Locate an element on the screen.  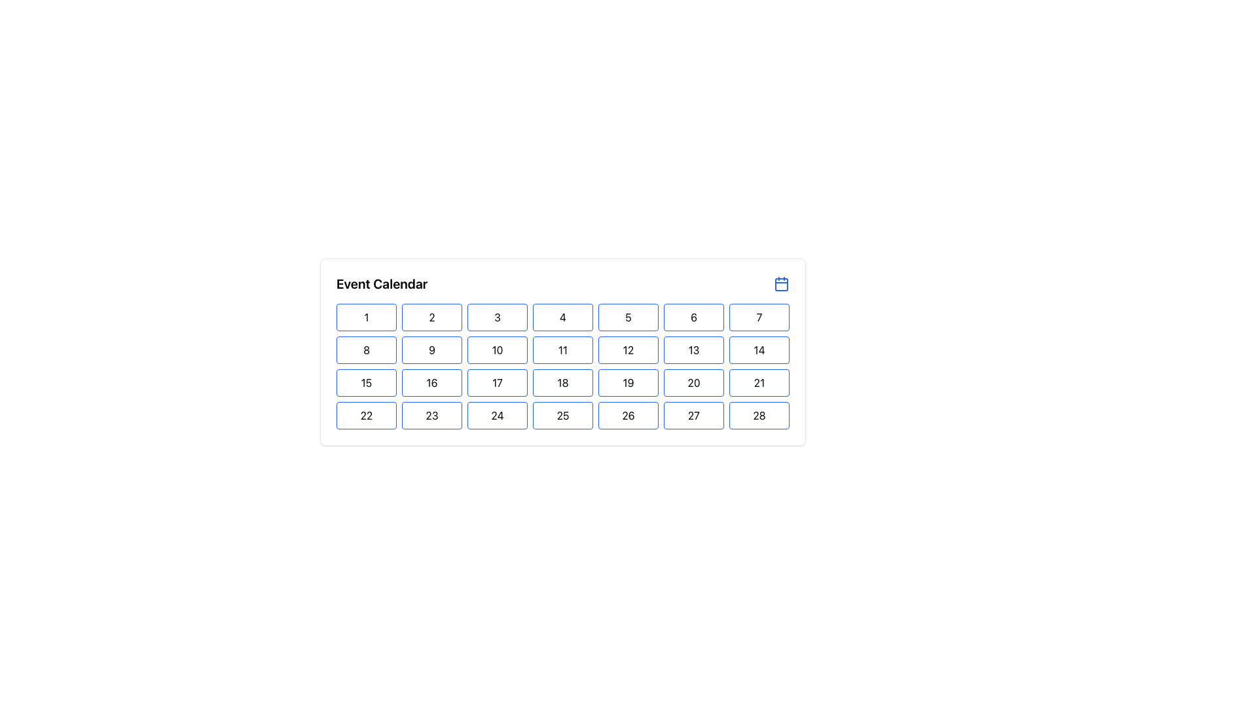
the seventh day button in the calendar view is located at coordinates (759, 317).